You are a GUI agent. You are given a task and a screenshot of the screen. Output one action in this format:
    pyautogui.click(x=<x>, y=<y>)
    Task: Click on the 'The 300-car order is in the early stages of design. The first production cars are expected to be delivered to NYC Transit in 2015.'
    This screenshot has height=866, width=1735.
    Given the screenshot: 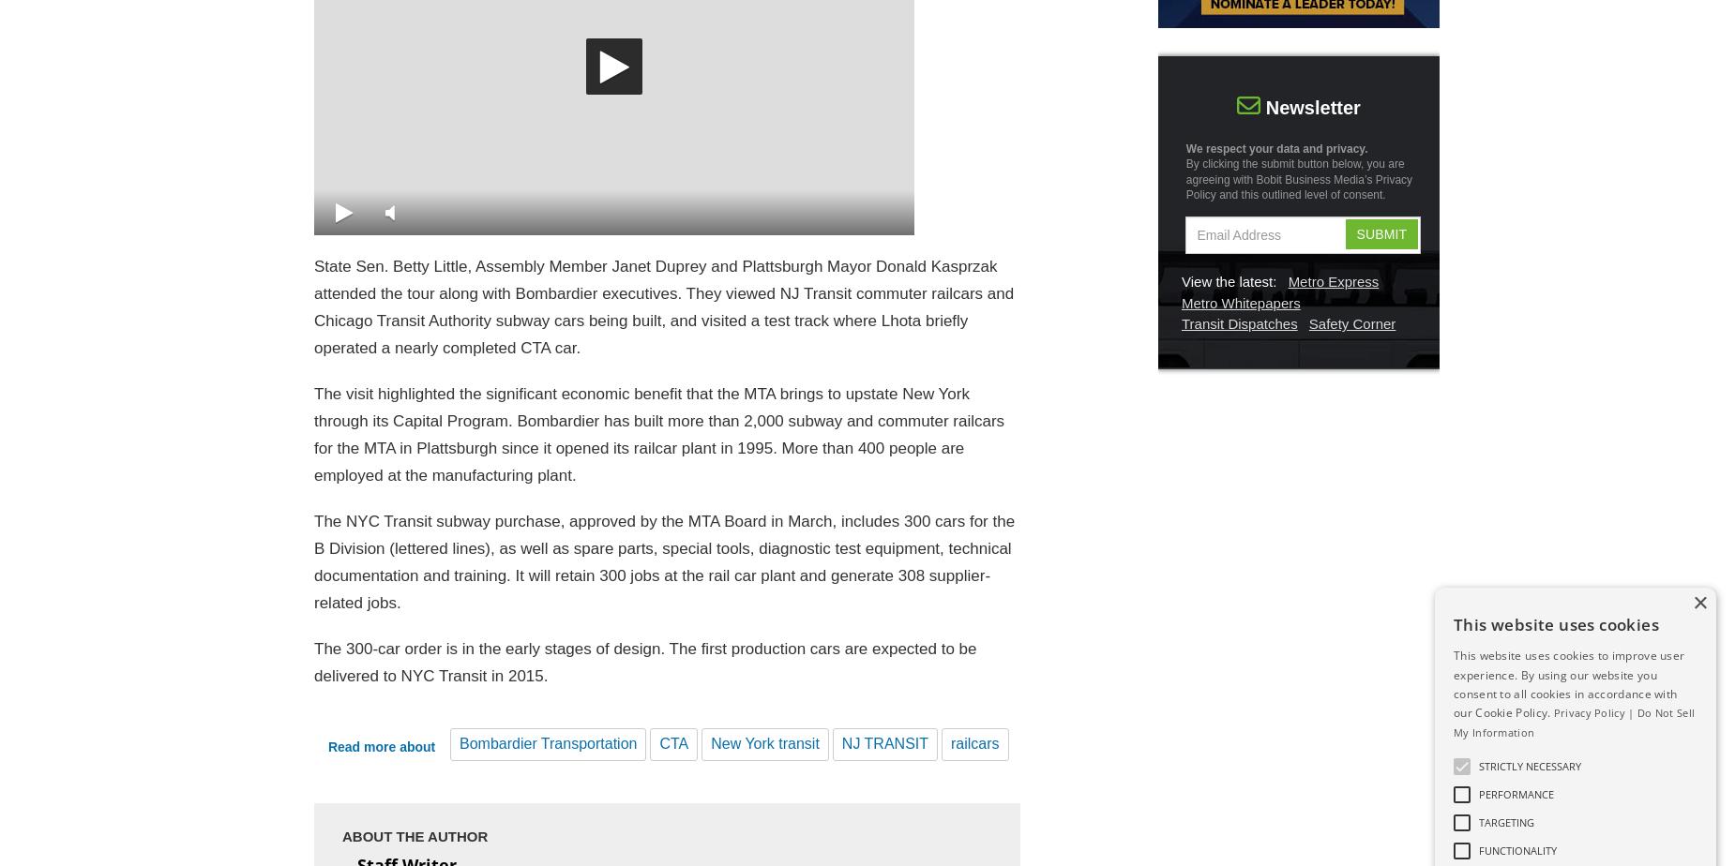 What is the action you would take?
    pyautogui.click(x=645, y=663)
    